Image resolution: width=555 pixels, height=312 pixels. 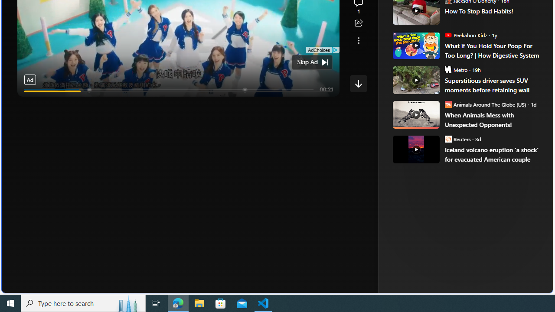 What do you see at coordinates (448, 138) in the screenshot?
I see `'Reuters'` at bounding box center [448, 138].